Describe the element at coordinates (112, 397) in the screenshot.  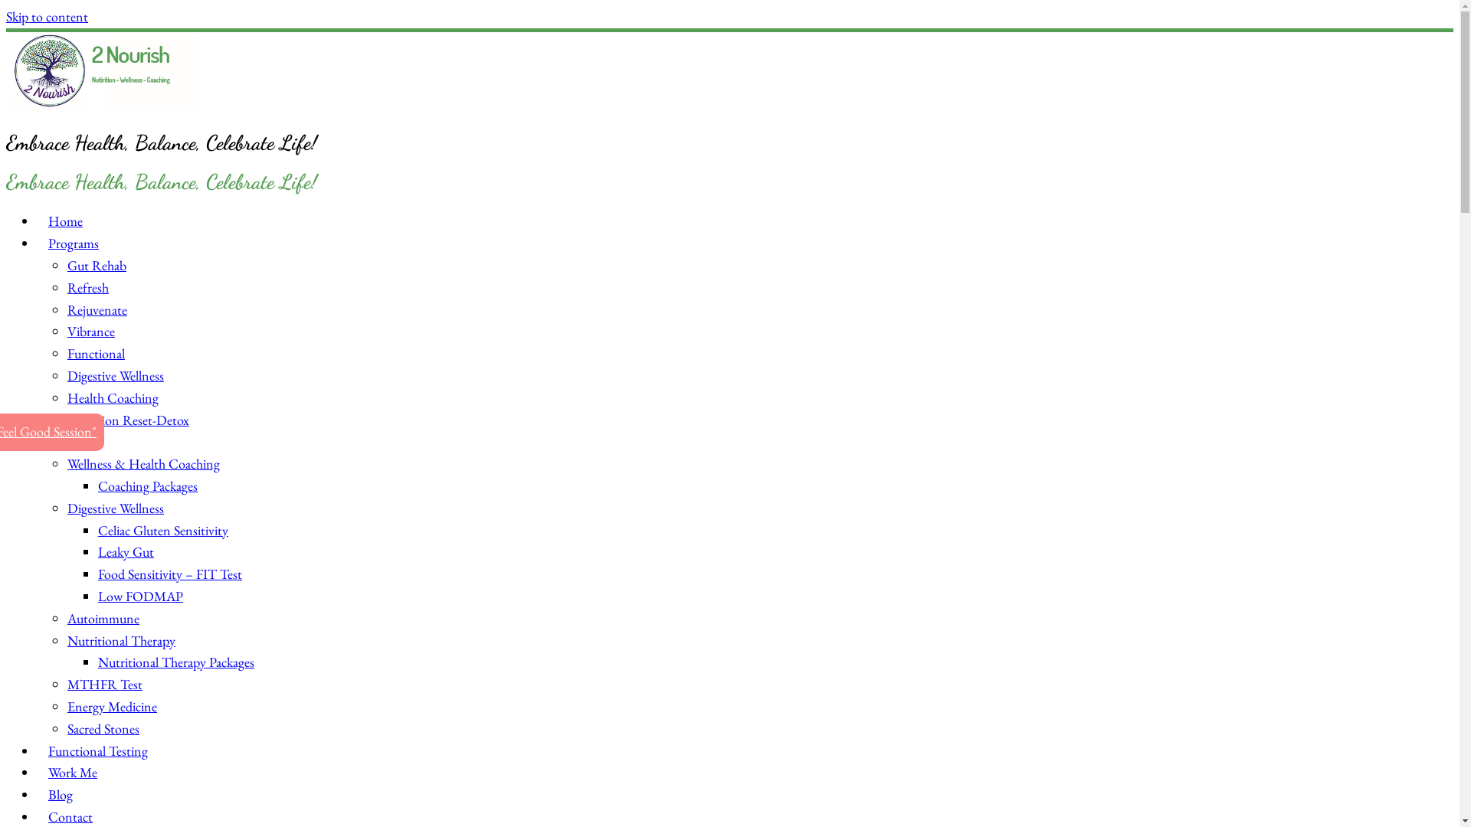
I see `'Health Coaching'` at that location.